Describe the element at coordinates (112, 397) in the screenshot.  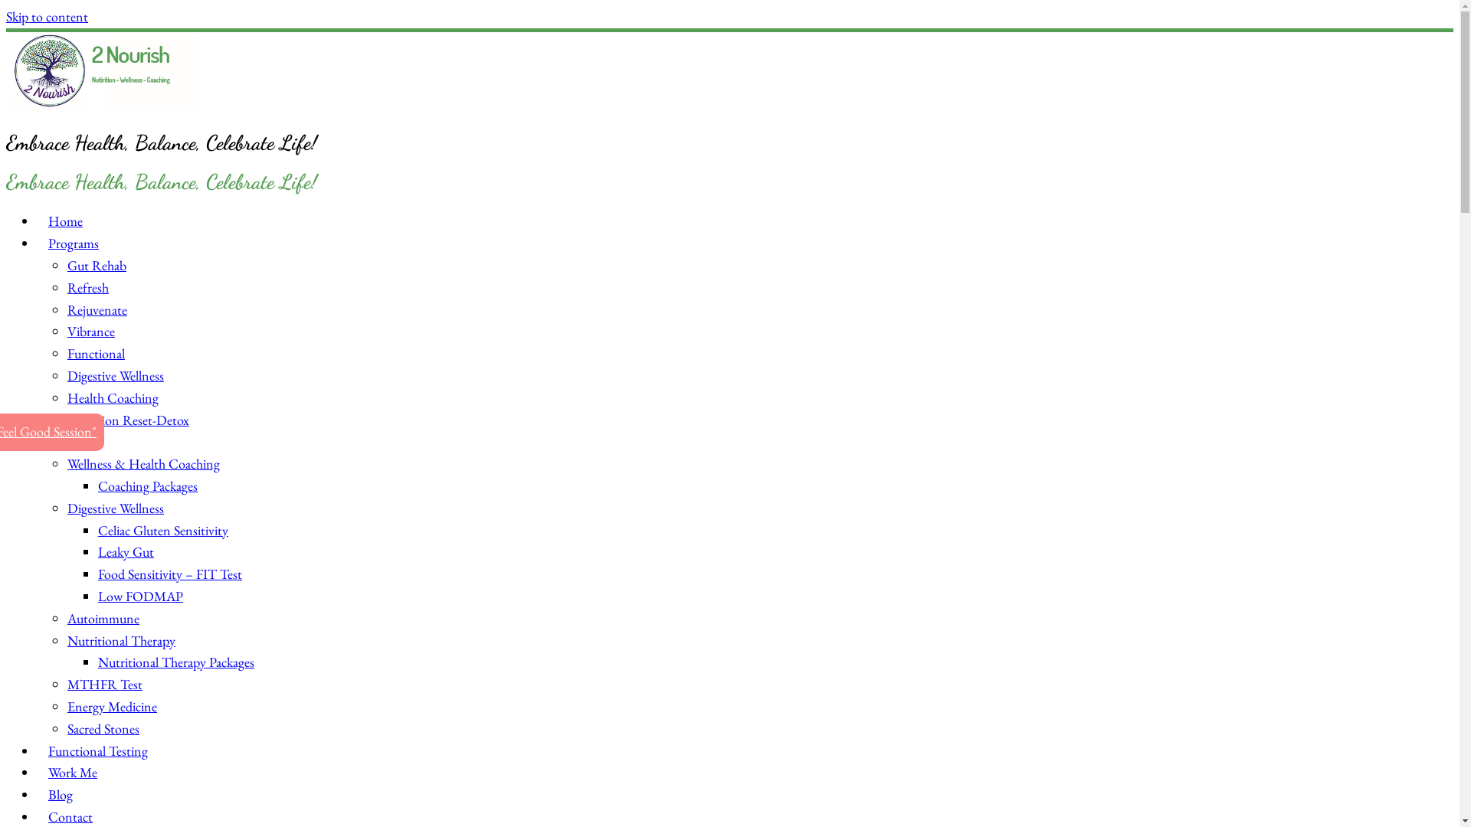
I see `'Health Coaching'` at that location.